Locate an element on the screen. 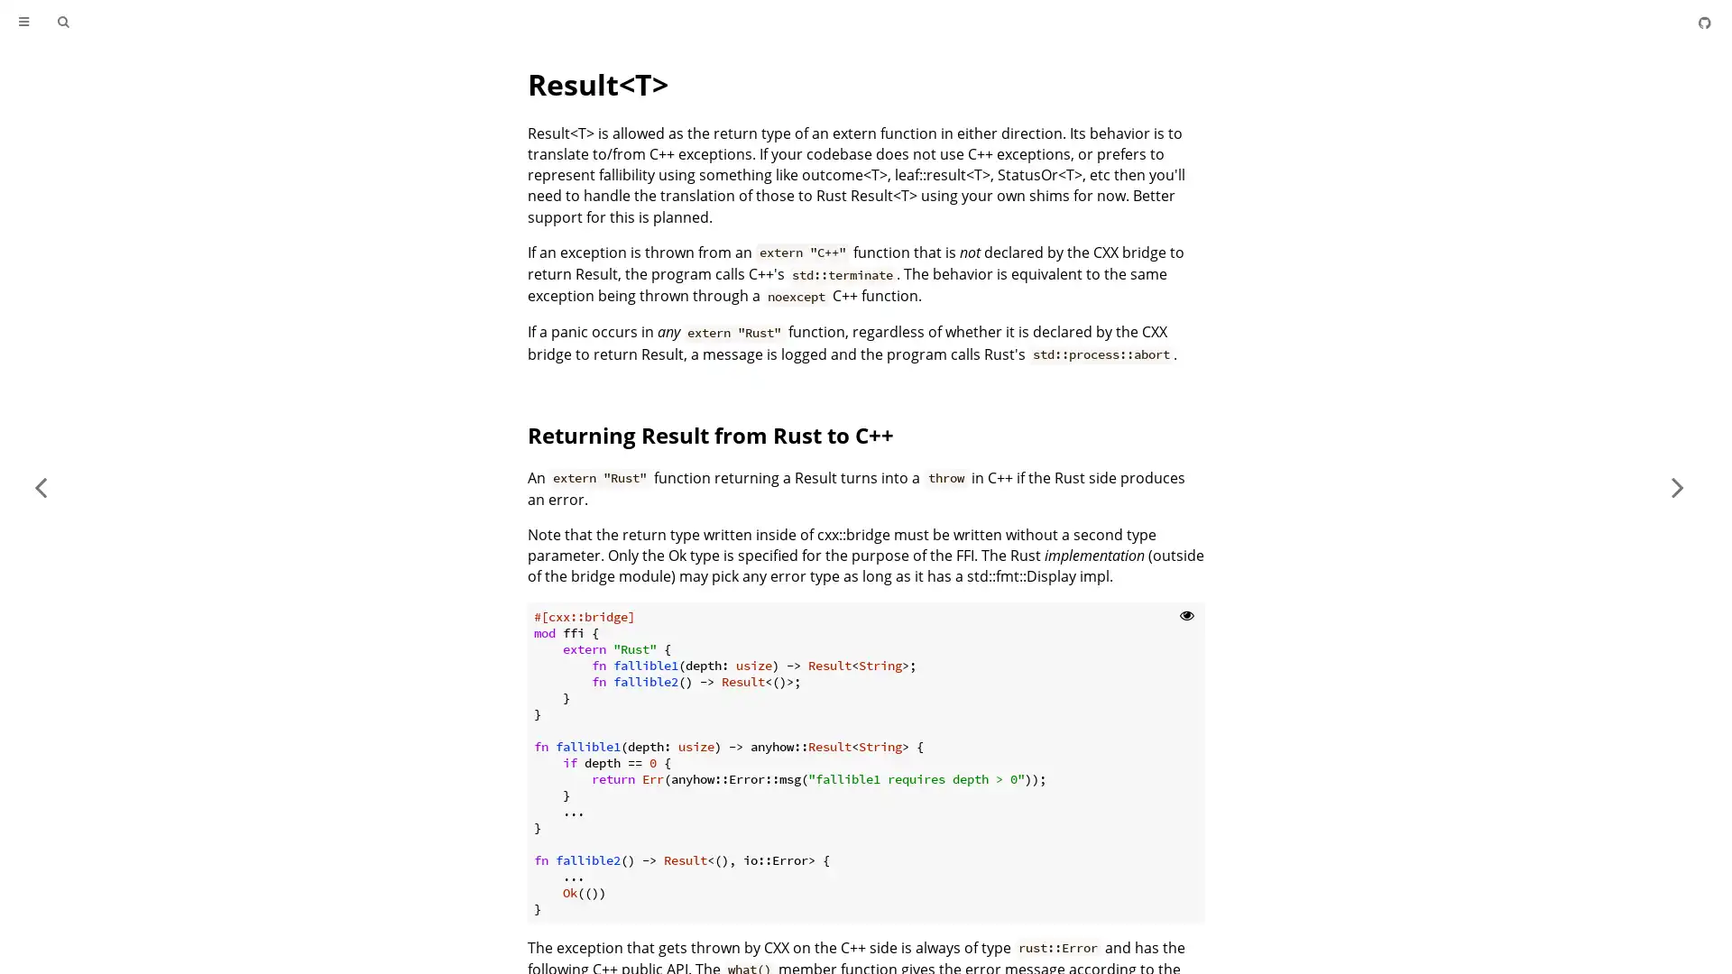 This screenshot has height=974, width=1732. Show hidden lines is located at coordinates (1186, 613).